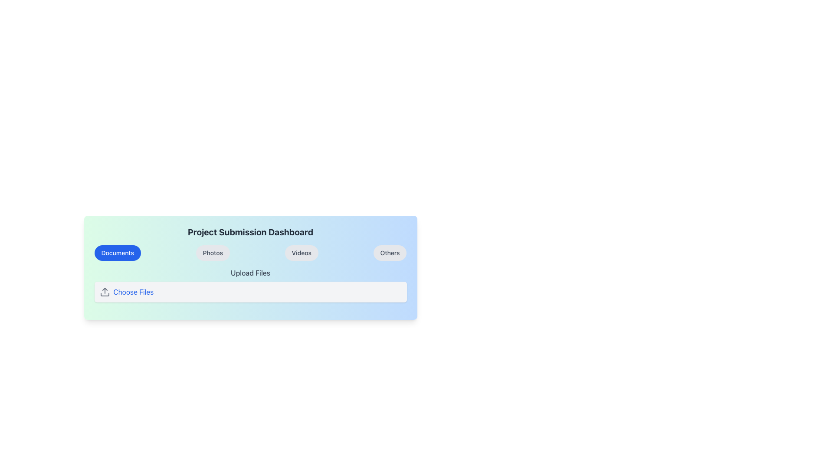 The image size is (833, 468). What do you see at coordinates (250, 272) in the screenshot?
I see `text content of the label that serves as a heading for the file upload section, positioned directly above the 'Choose Files' button` at bounding box center [250, 272].